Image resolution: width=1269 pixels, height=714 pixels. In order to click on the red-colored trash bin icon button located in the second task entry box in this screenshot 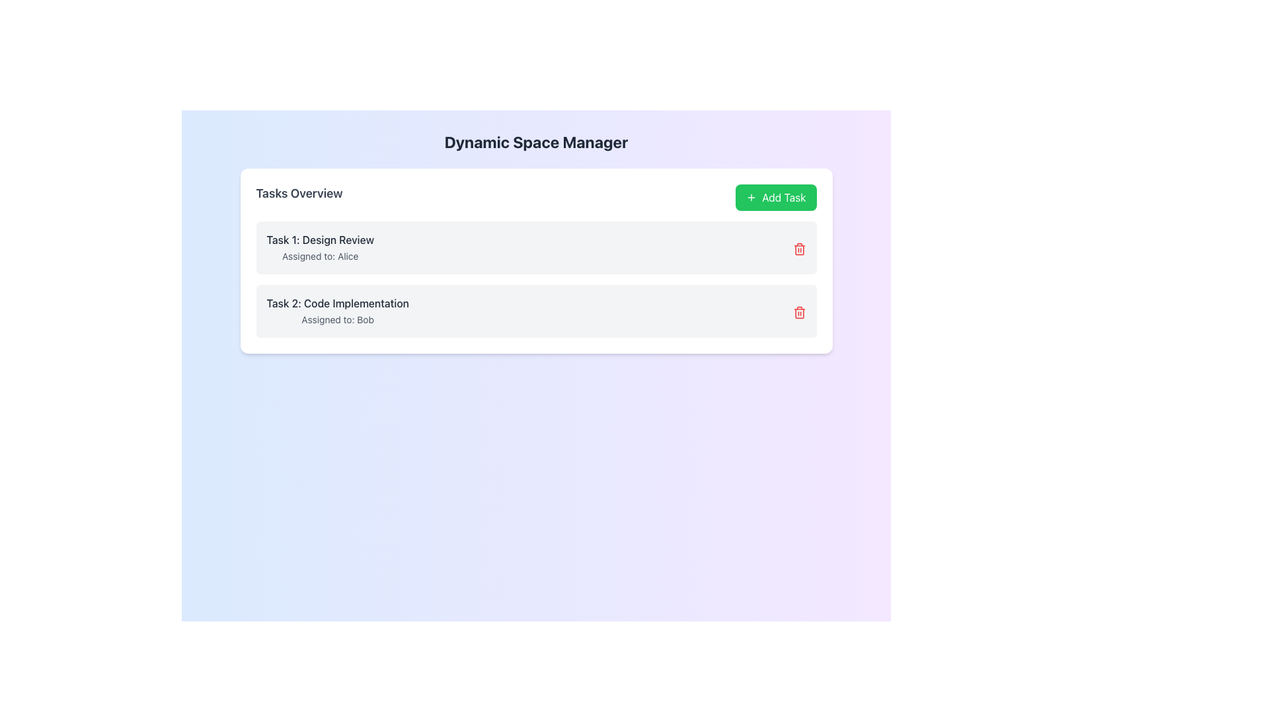, I will do `click(798, 313)`.